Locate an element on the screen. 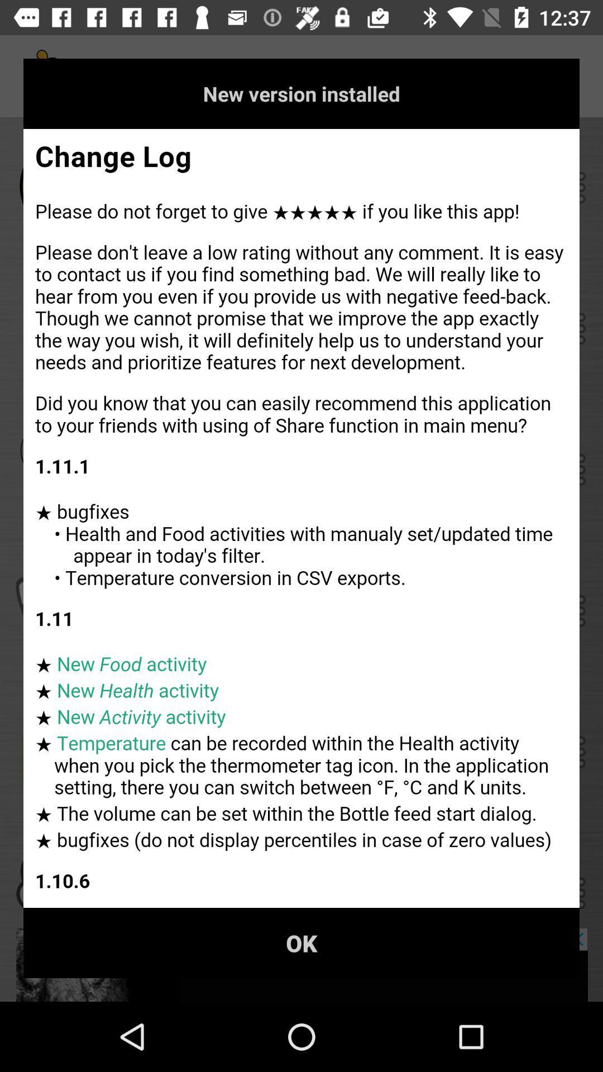 This screenshot has width=603, height=1072. full text is located at coordinates (301, 518).